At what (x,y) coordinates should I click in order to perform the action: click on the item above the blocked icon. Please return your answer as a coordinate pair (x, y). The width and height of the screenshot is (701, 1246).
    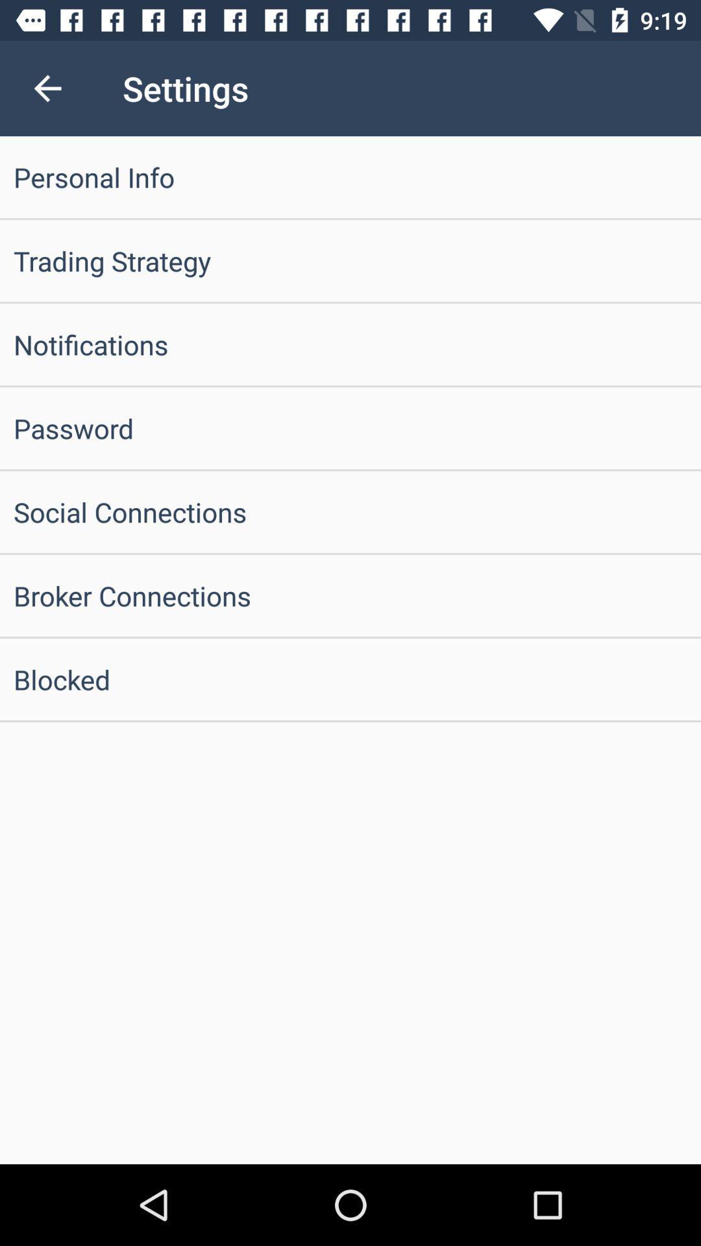
    Looking at the image, I should click on (350, 594).